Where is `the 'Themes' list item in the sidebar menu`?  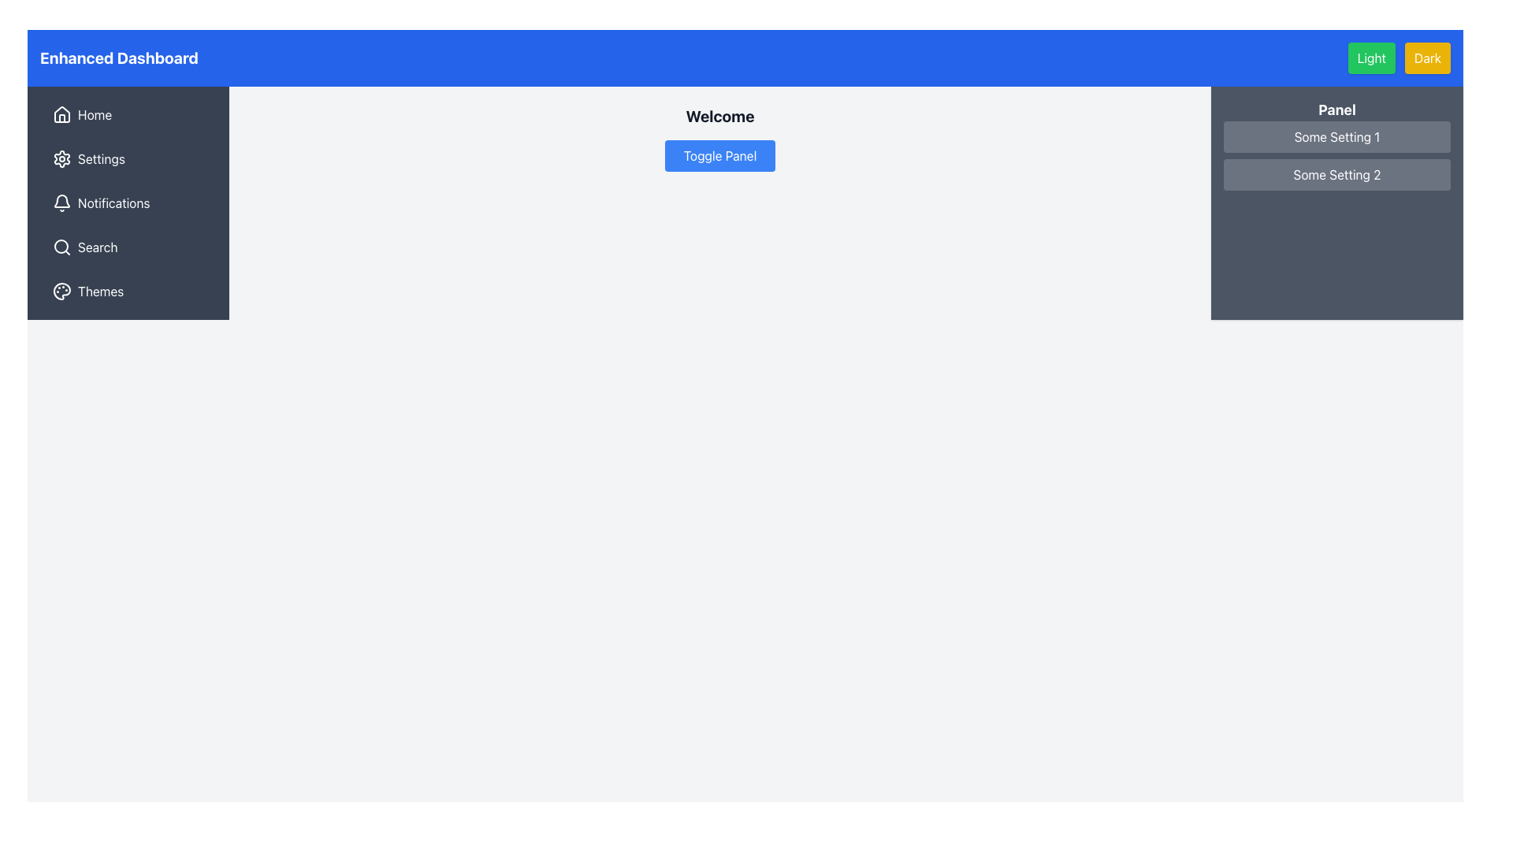 the 'Themes' list item in the sidebar menu is located at coordinates (128, 292).